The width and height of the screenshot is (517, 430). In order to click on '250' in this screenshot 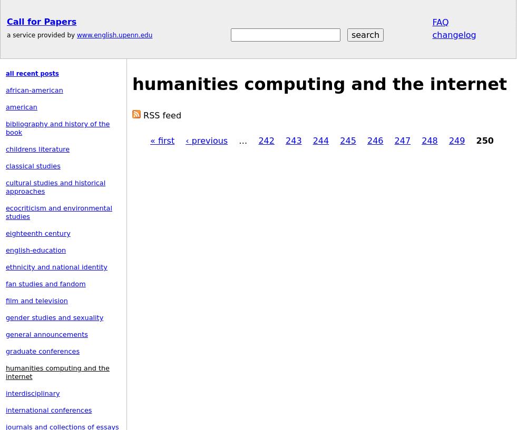, I will do `click(484, 141)`.